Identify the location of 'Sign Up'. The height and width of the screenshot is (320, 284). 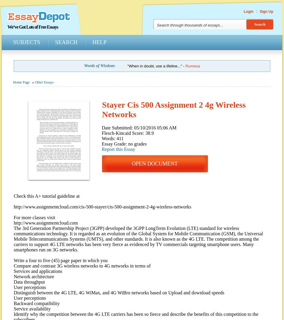
(266, 11).